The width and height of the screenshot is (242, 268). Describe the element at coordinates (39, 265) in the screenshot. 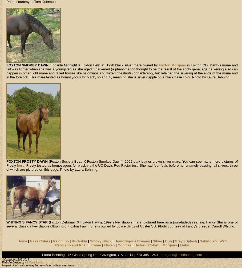

I see `'No part of this website may be reproduced without permission.'` at that location.